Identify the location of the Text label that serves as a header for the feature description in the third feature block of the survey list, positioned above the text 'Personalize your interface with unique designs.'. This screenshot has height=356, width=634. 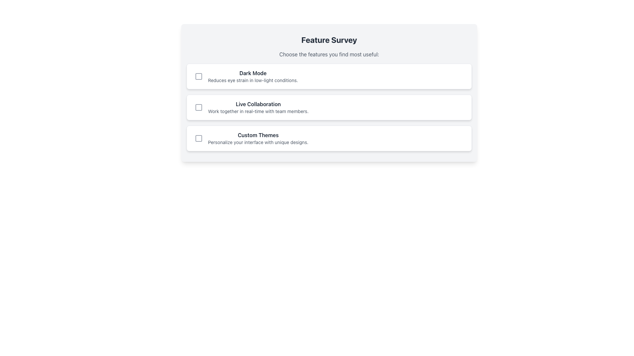
(258, 134).